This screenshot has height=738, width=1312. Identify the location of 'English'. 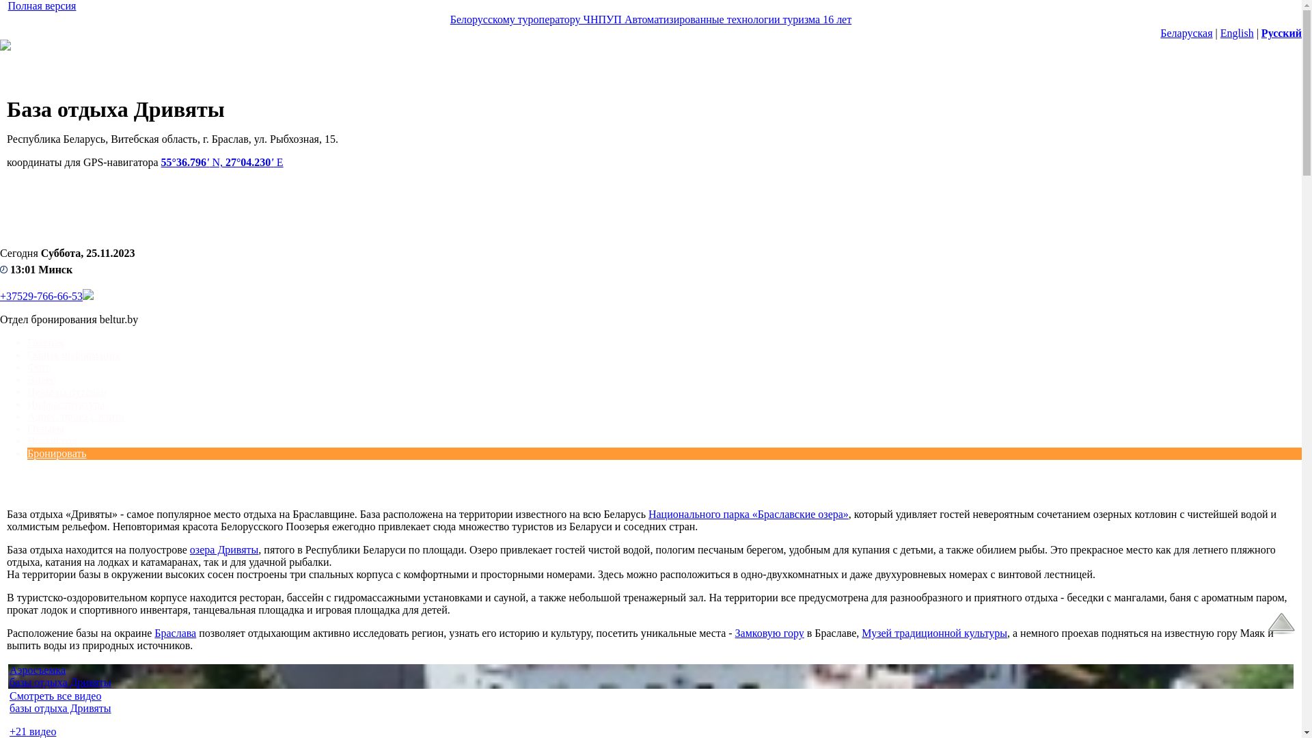
(1237, 32).